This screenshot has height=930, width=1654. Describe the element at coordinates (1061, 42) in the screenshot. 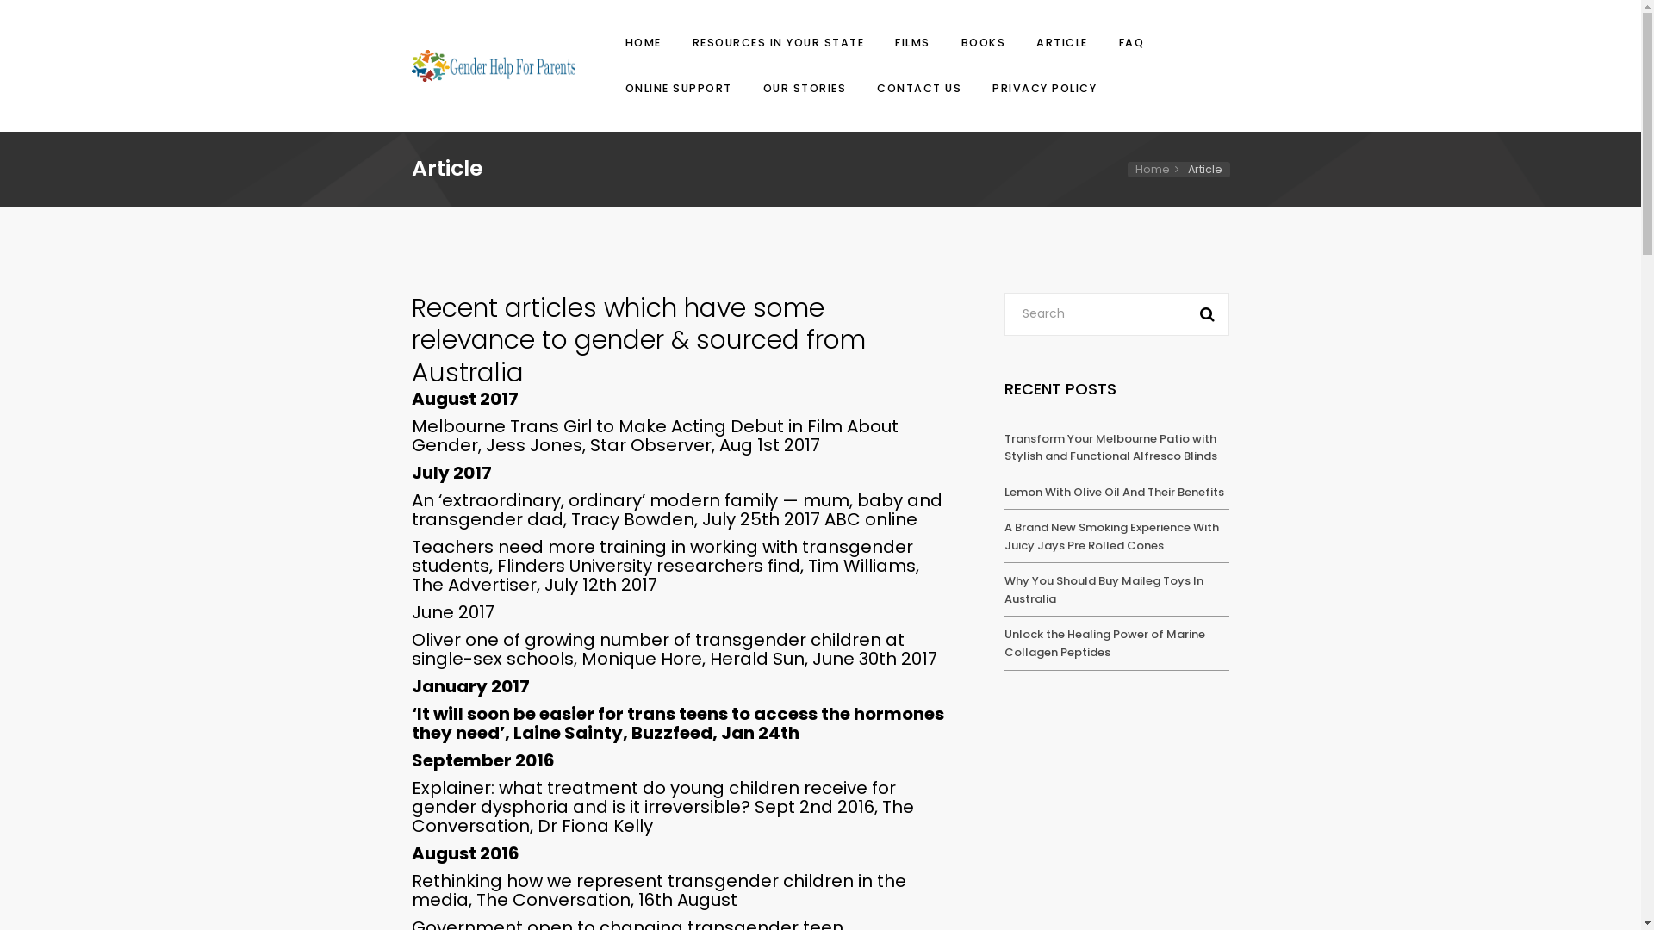

I see `'ARTICLE'` at that location.